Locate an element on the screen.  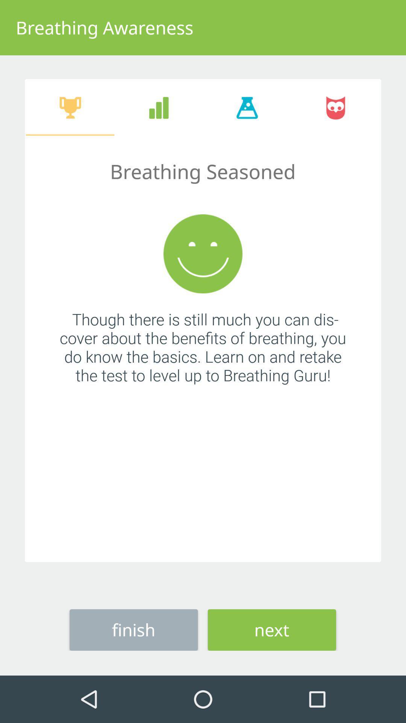
finish item is located at coordinates (133, 630).